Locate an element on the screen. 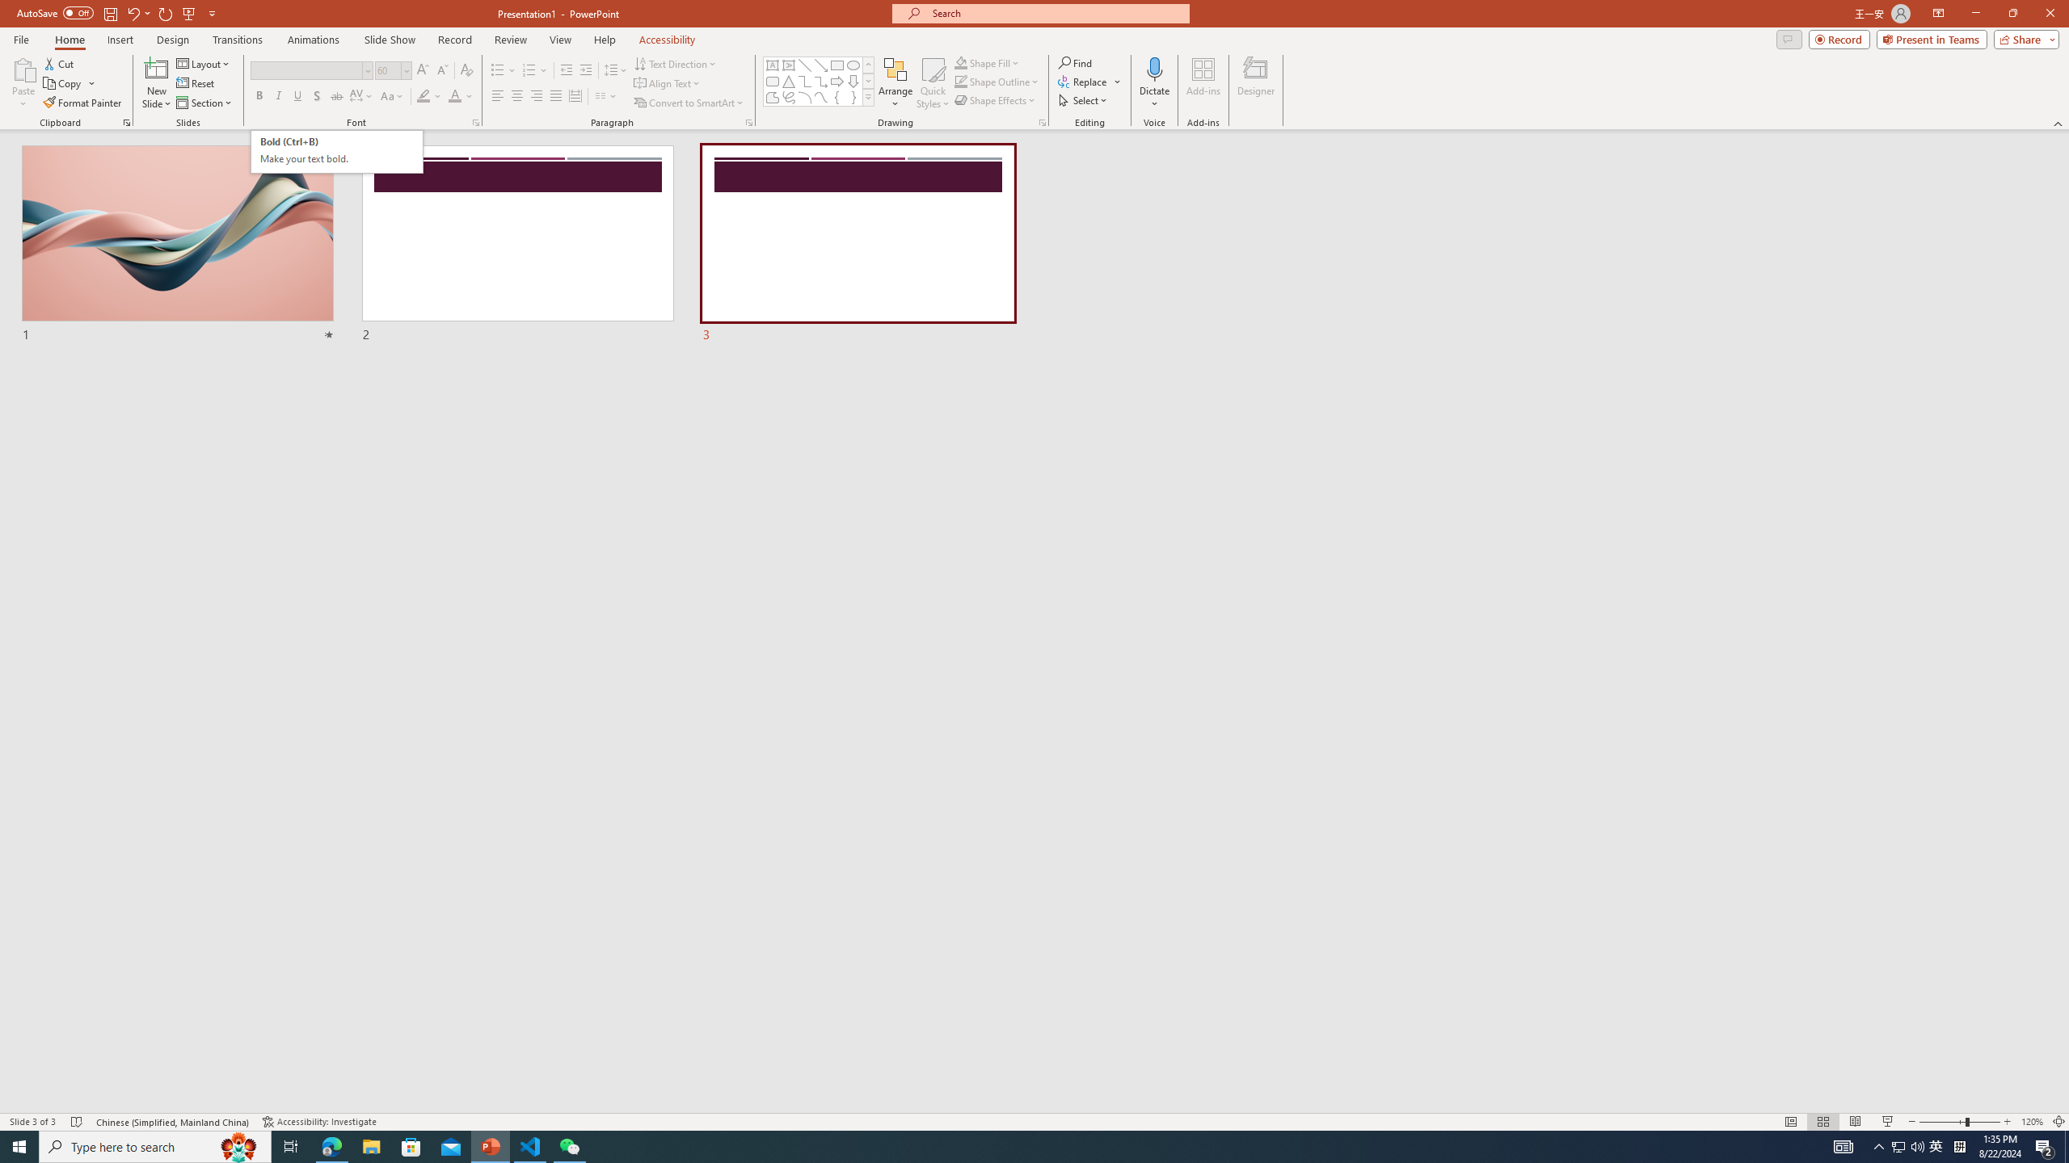 This screenshot has width=2069, height=1163. 'Vertical Text Box' is located at coordinates (787, 65).